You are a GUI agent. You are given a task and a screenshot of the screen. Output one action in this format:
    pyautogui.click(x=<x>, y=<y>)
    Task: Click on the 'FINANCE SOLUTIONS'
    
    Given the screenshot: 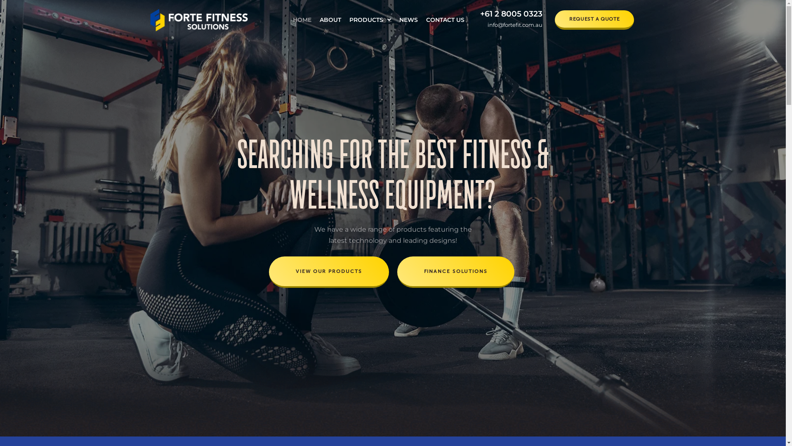 What is the action you would take?
    pyautogui.click(x=455, y=272)
    